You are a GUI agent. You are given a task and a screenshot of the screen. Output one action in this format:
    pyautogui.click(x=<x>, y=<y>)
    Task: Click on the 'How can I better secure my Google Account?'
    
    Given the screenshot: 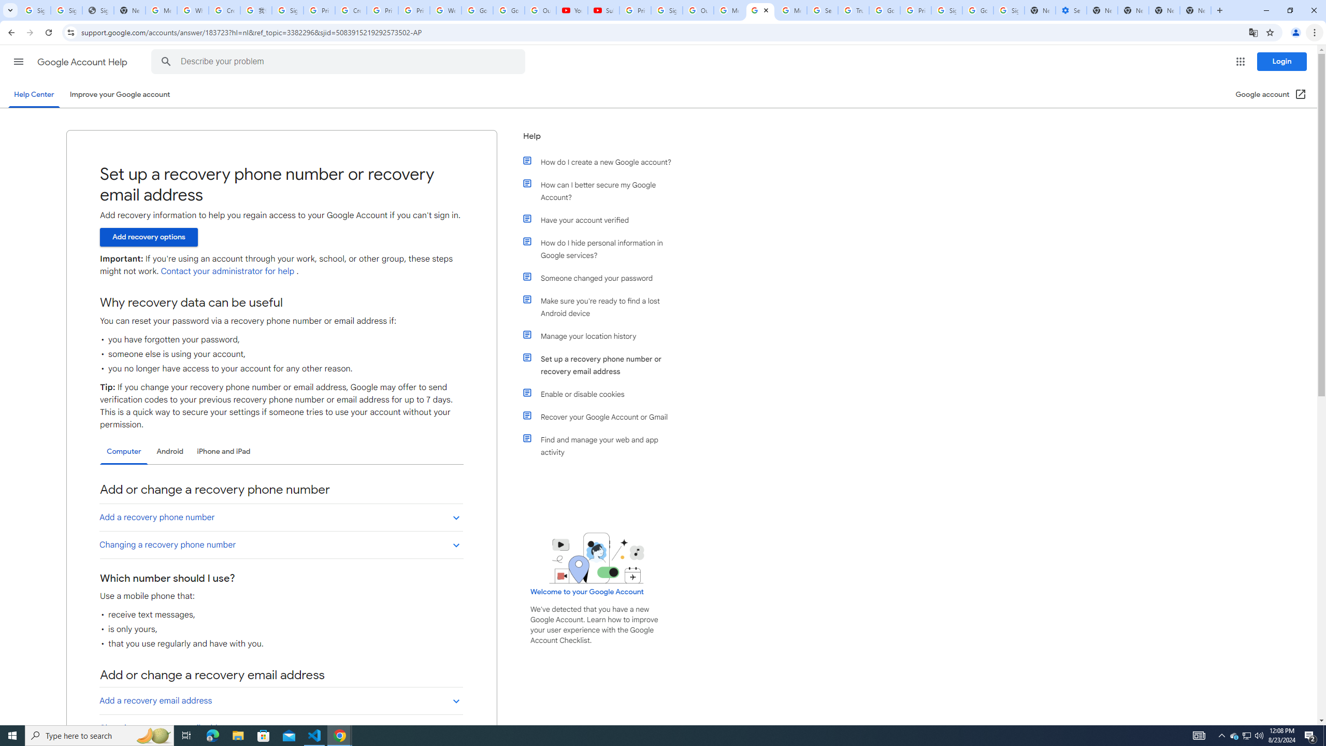 What is the action you would take?
    pyautogui.click(x=602, y=191)
    